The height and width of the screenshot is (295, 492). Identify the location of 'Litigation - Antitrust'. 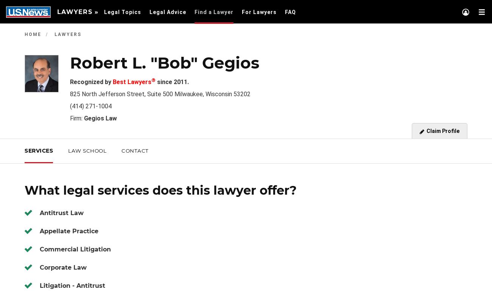
(72, 285).